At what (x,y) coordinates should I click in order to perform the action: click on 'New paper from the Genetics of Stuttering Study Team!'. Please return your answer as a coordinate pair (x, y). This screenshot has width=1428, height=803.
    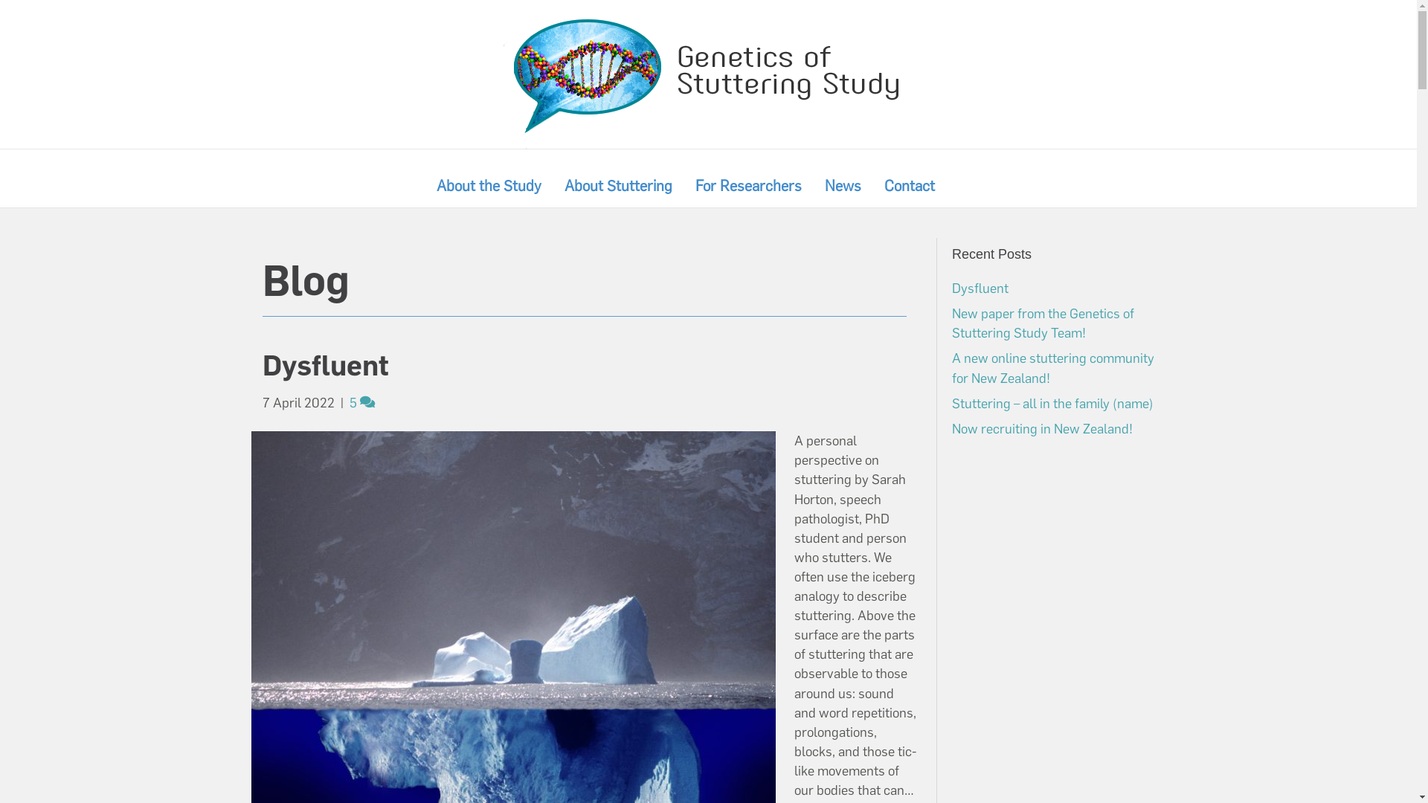
    Looking at the image, I should click on (952, 323).